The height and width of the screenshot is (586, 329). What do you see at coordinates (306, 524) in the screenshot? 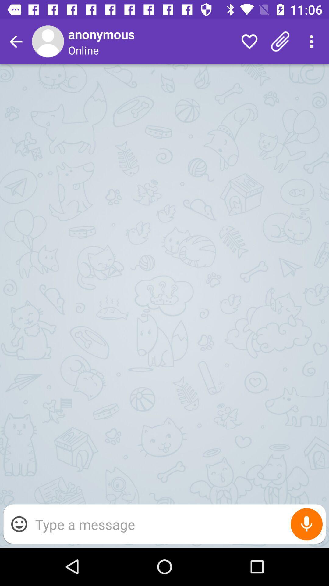
I see `the microphone icon` at bounding box center [306, 524].